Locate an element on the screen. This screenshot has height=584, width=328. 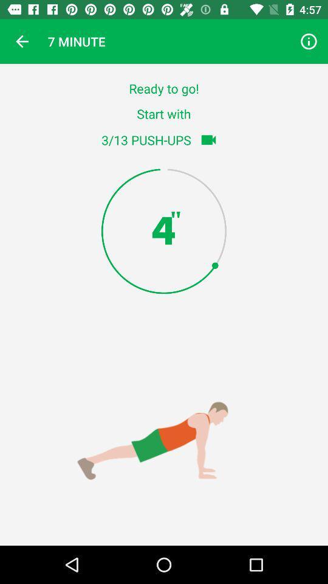
the icon next to 3 13 push item is located at coordinates (208, 140).